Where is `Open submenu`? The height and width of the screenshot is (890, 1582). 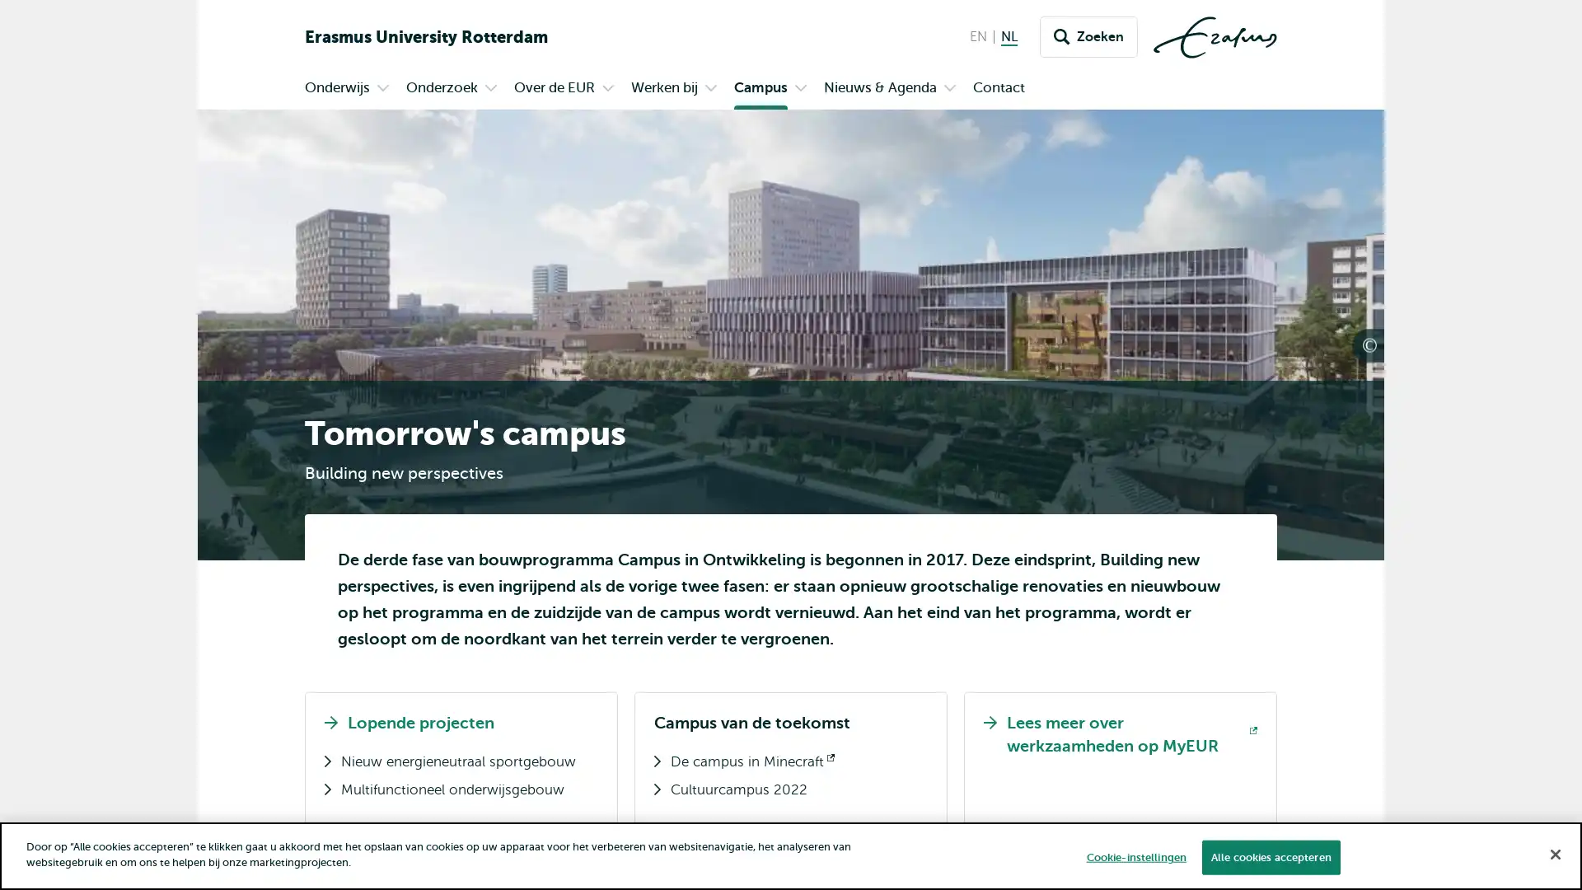 Open submenu is located at coordinates (949, 89).